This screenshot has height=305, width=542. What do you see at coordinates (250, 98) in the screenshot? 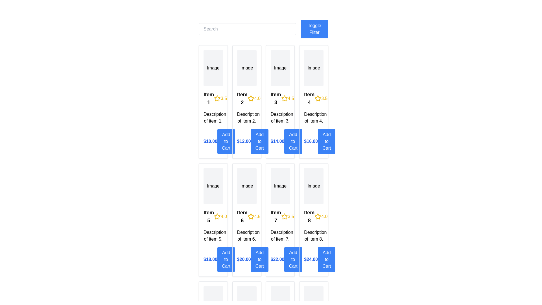
I see `the yellow five-pointed star icon used for rating, which is located in the second item card between the item's title and description` at bounding box center [250, 98].